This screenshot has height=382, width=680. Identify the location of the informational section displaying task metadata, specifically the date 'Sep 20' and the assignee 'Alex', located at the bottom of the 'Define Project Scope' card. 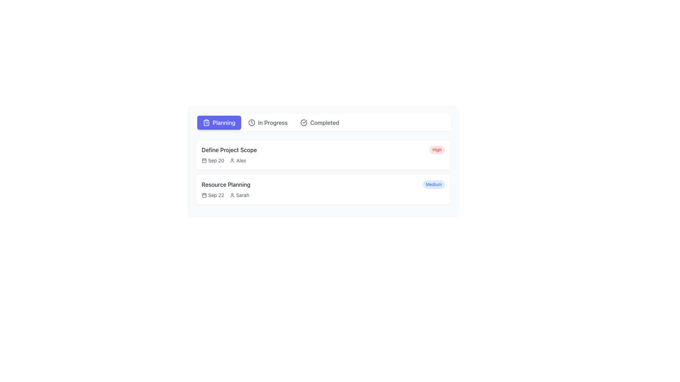
(323, 161).